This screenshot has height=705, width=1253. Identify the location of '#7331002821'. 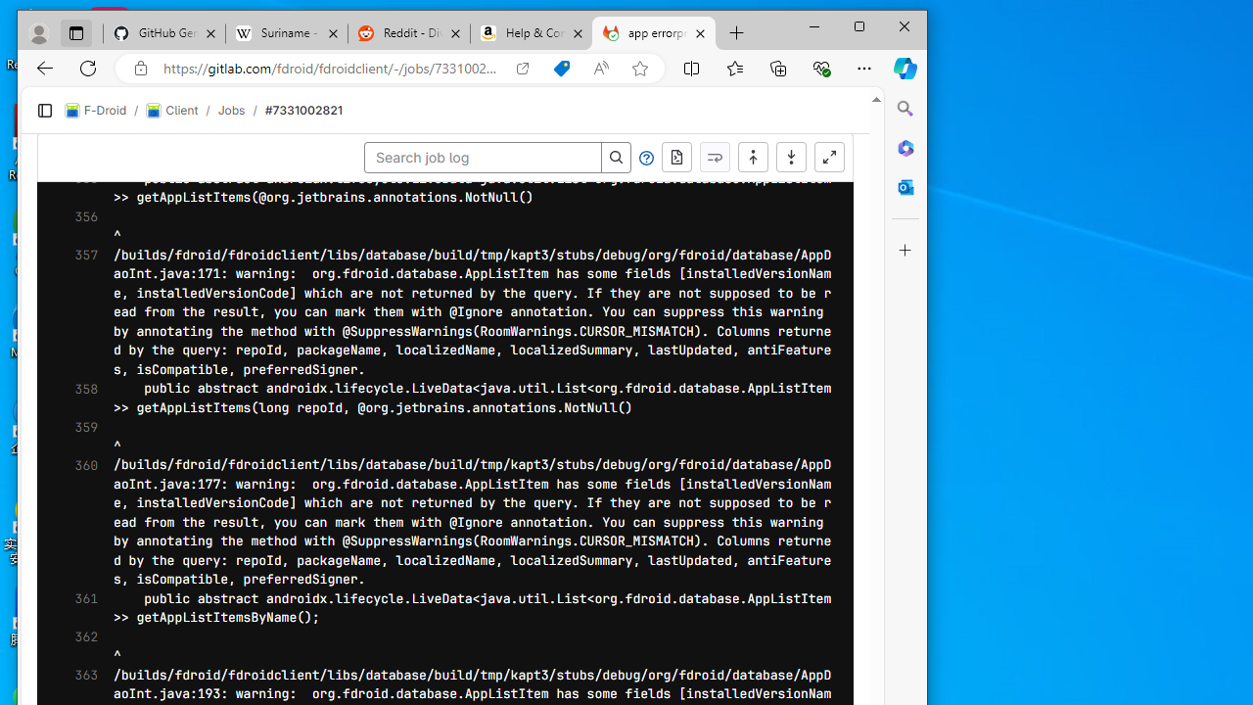
(302, 111).